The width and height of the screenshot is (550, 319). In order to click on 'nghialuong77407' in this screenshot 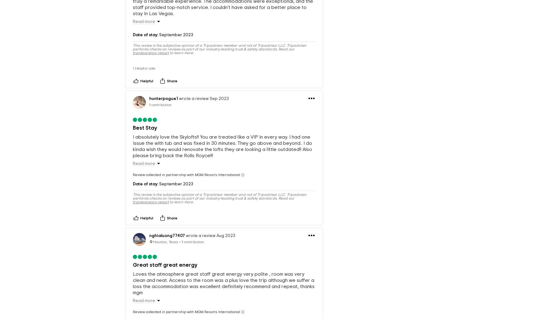, I will do `click(167, 225)`.